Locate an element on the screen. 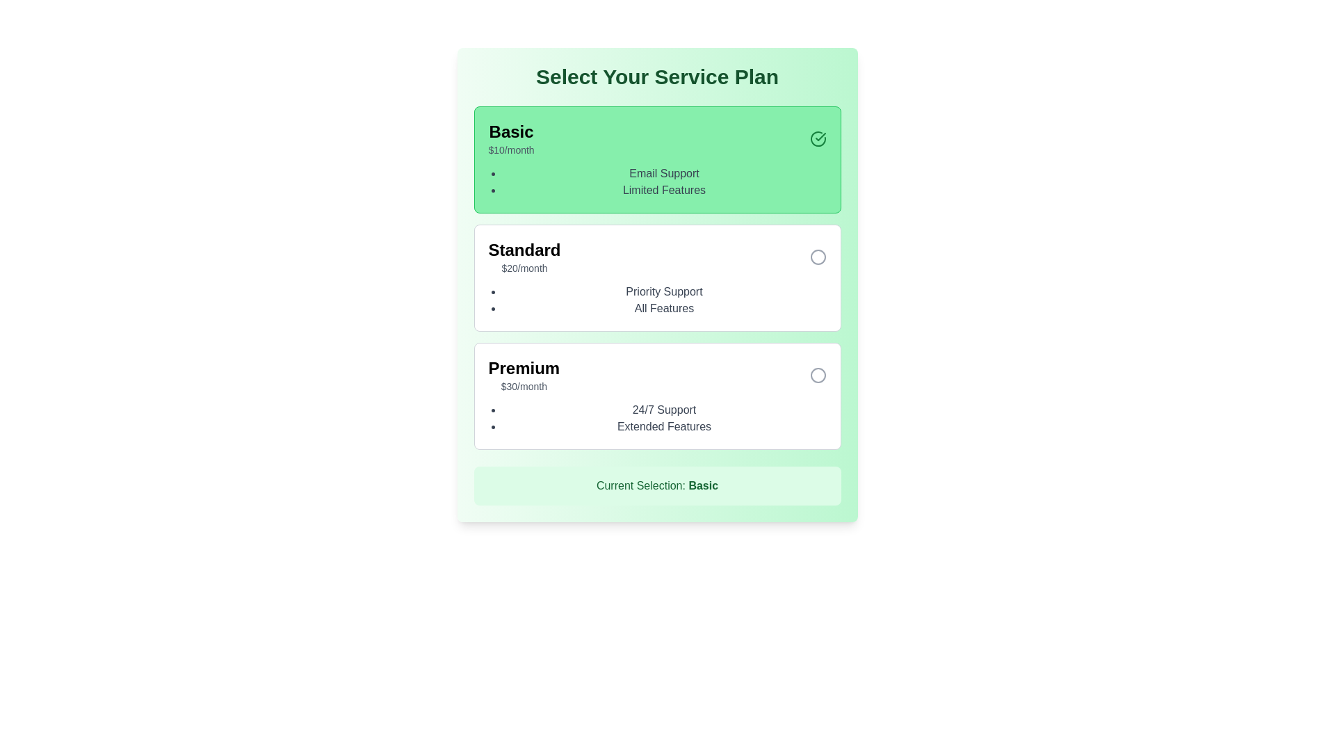 The height and width of the screenshot is (751, 1335). the text label displaying the cost of the subscription plan located below the 'Basic' text and aligned slightly to its left in the topmost green-highlighted subscription plan box is located at coordinates (510, 150).